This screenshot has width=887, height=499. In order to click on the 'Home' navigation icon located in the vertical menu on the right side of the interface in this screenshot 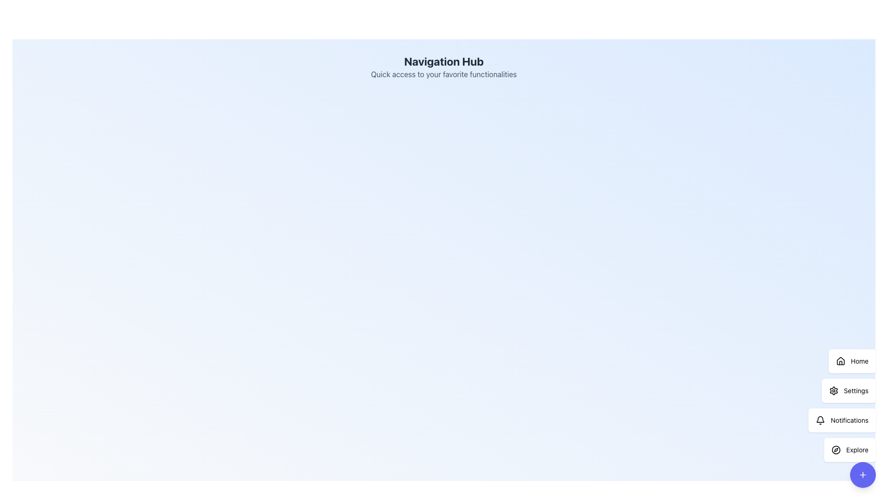, I will do `click(840, 361)`.